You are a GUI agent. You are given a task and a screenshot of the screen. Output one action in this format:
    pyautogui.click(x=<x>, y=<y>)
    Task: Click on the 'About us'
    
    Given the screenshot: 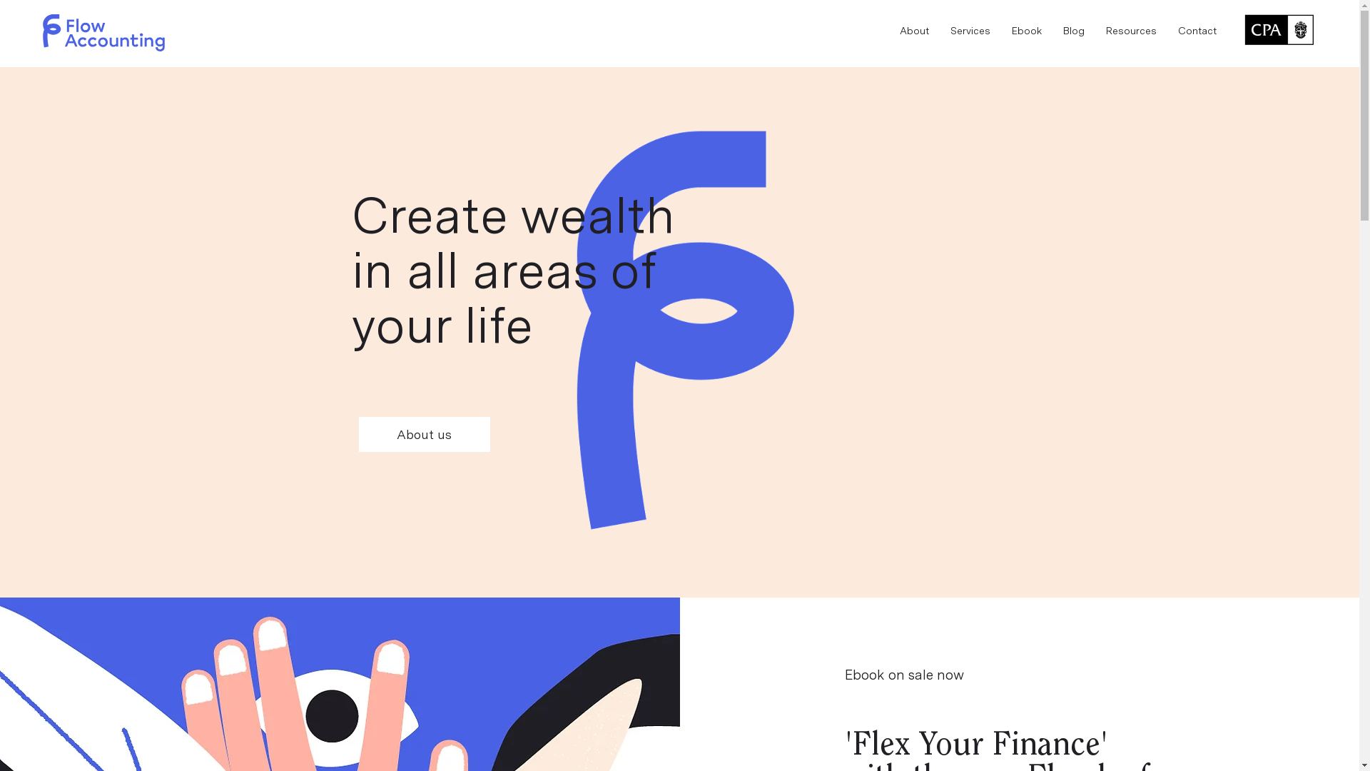 What is the action you would take?
    pyautogui.click(x=423, y=433)
    